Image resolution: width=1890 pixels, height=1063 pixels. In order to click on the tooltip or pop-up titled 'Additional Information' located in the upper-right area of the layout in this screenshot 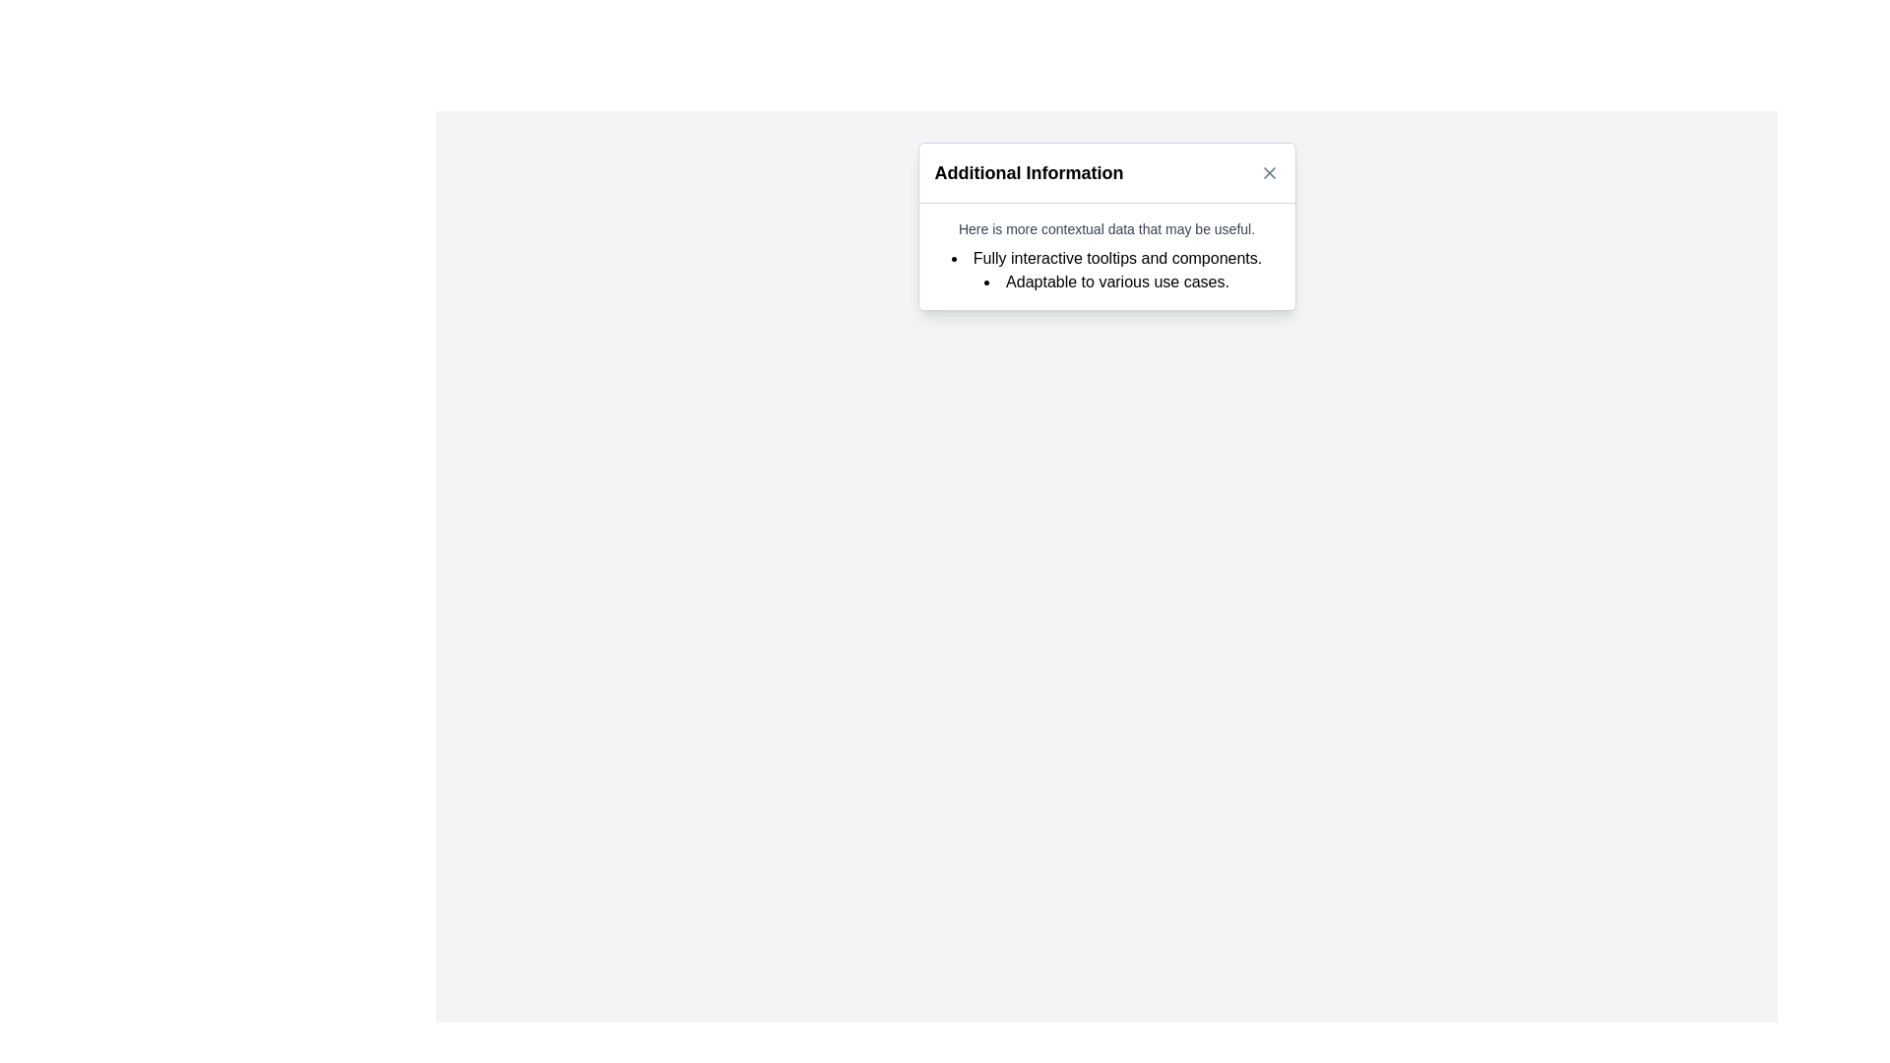, I will do `click(1106, 225)`.